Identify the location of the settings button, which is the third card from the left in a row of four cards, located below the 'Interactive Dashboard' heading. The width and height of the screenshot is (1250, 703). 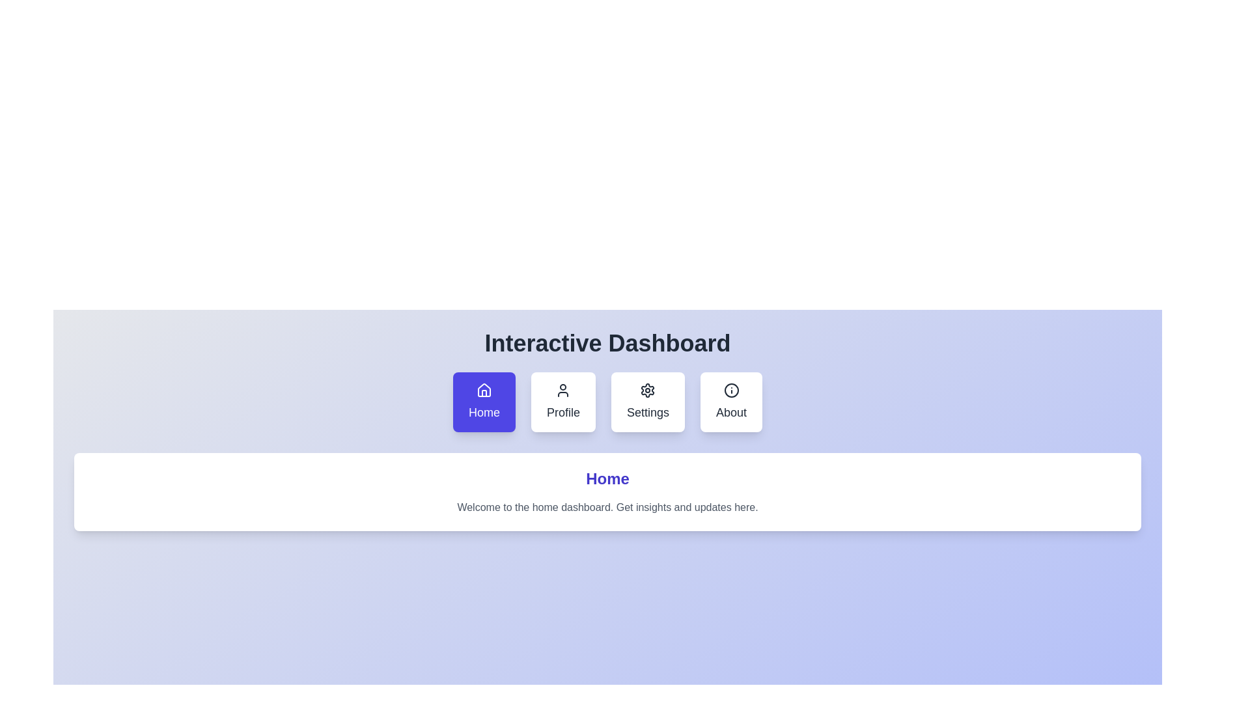
(648, 401).